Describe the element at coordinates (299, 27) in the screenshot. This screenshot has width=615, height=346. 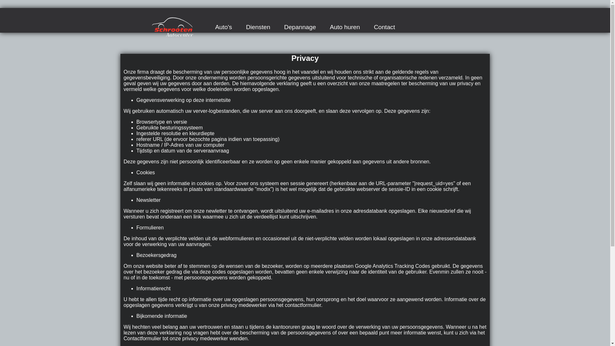
I see `'Depannage'` at that location.